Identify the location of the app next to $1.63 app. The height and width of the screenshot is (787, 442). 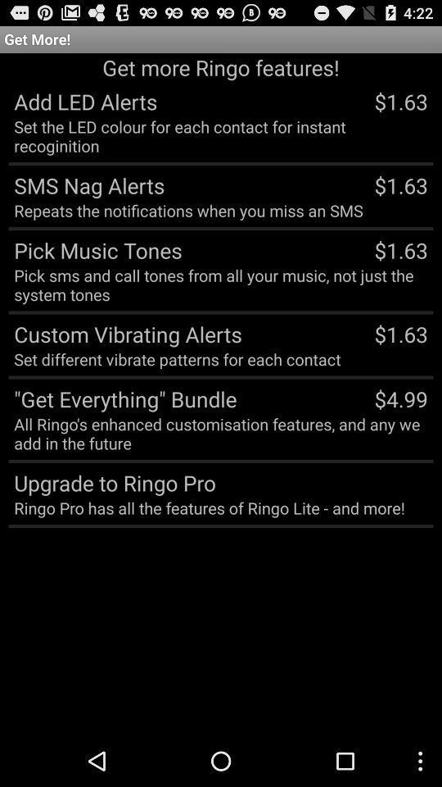
(176, 359).